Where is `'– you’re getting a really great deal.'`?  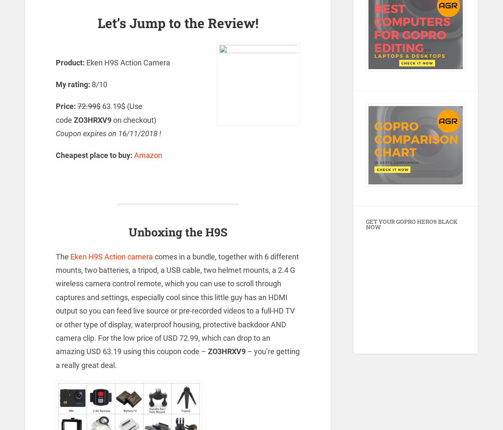 '– you’re getting a really great deal.' is located at coordinates (177, 358).